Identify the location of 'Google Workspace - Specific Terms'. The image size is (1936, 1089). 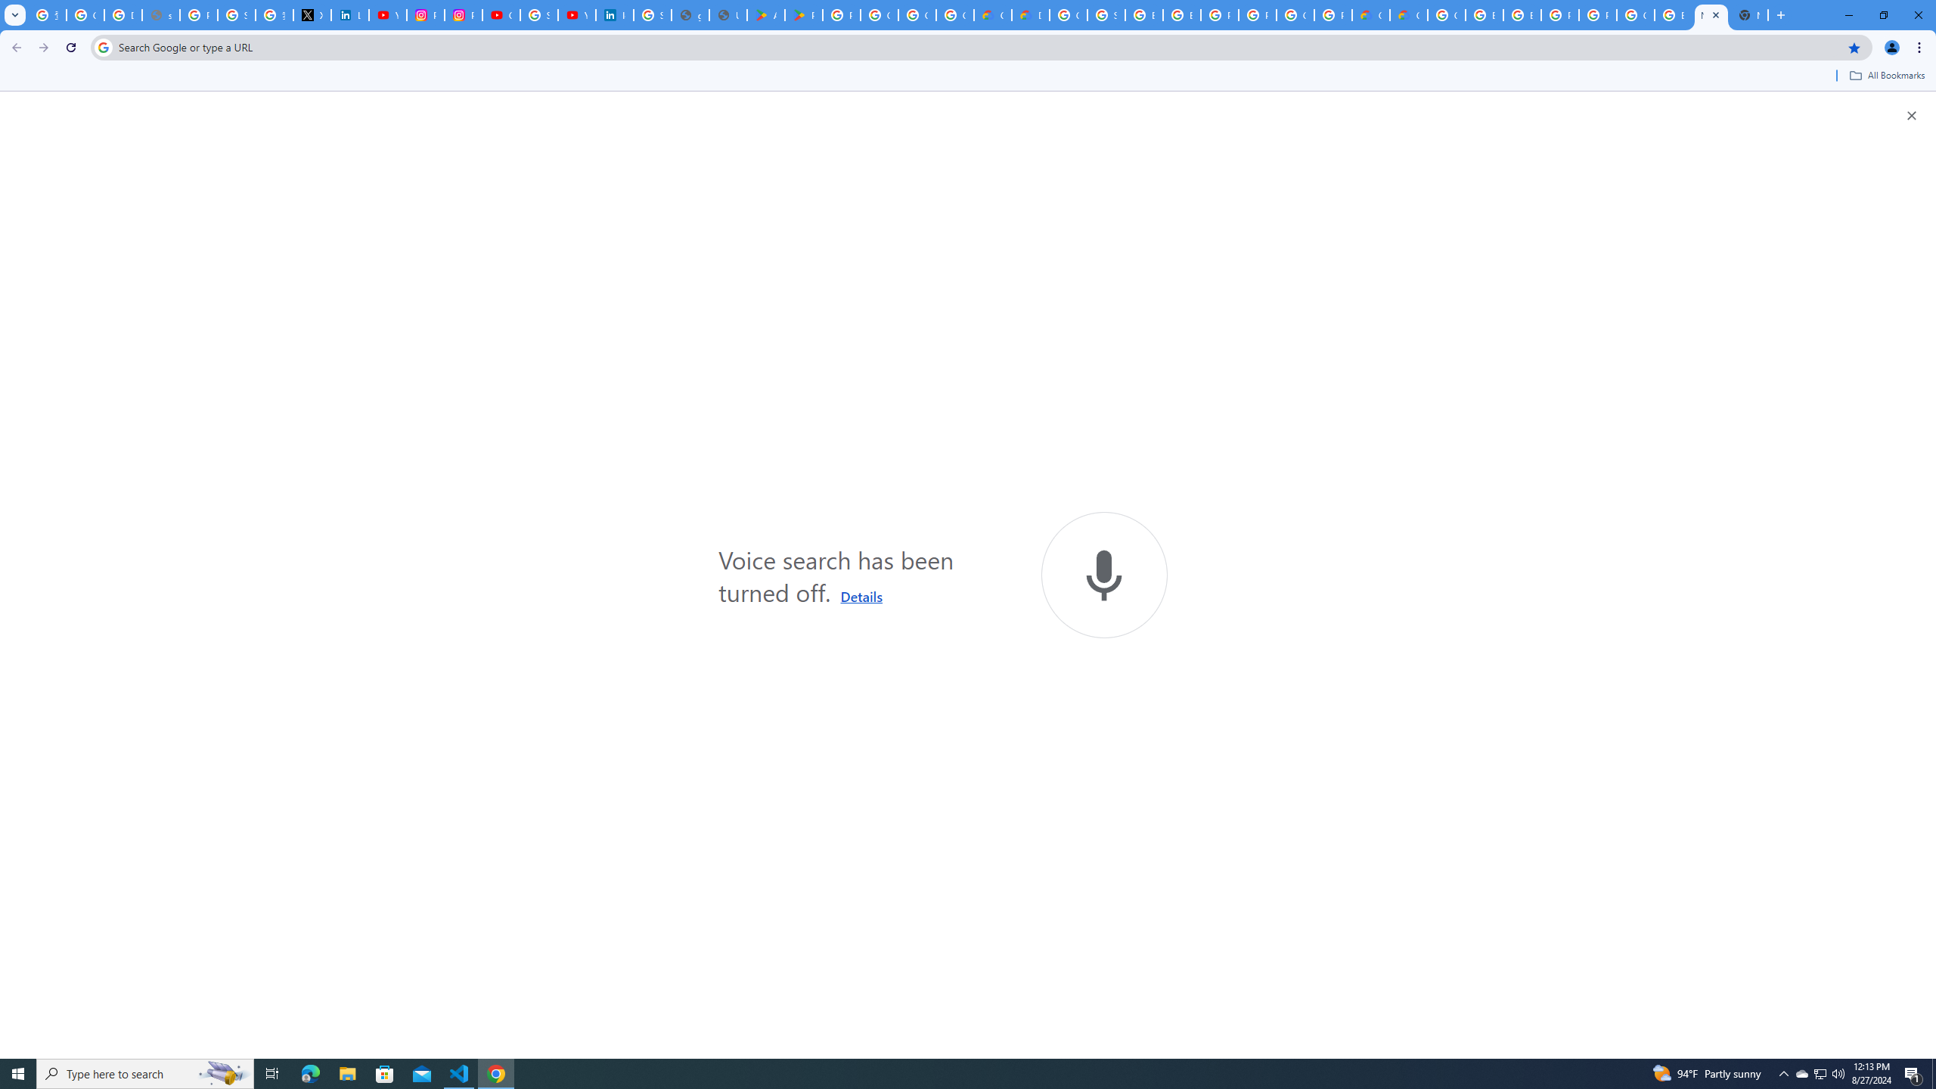
(917, 14).